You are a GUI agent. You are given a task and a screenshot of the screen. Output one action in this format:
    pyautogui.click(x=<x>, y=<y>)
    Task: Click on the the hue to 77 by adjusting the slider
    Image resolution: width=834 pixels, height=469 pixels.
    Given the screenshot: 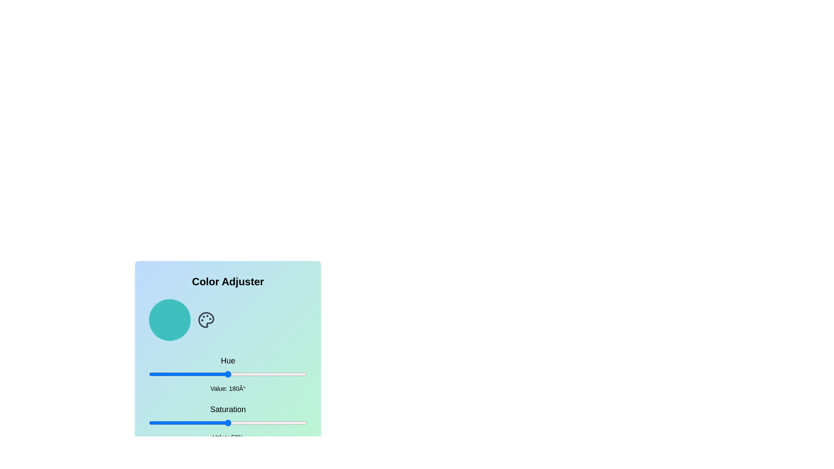 What is the action you would take?
    pyautogui.click(x=182, y=373)
    